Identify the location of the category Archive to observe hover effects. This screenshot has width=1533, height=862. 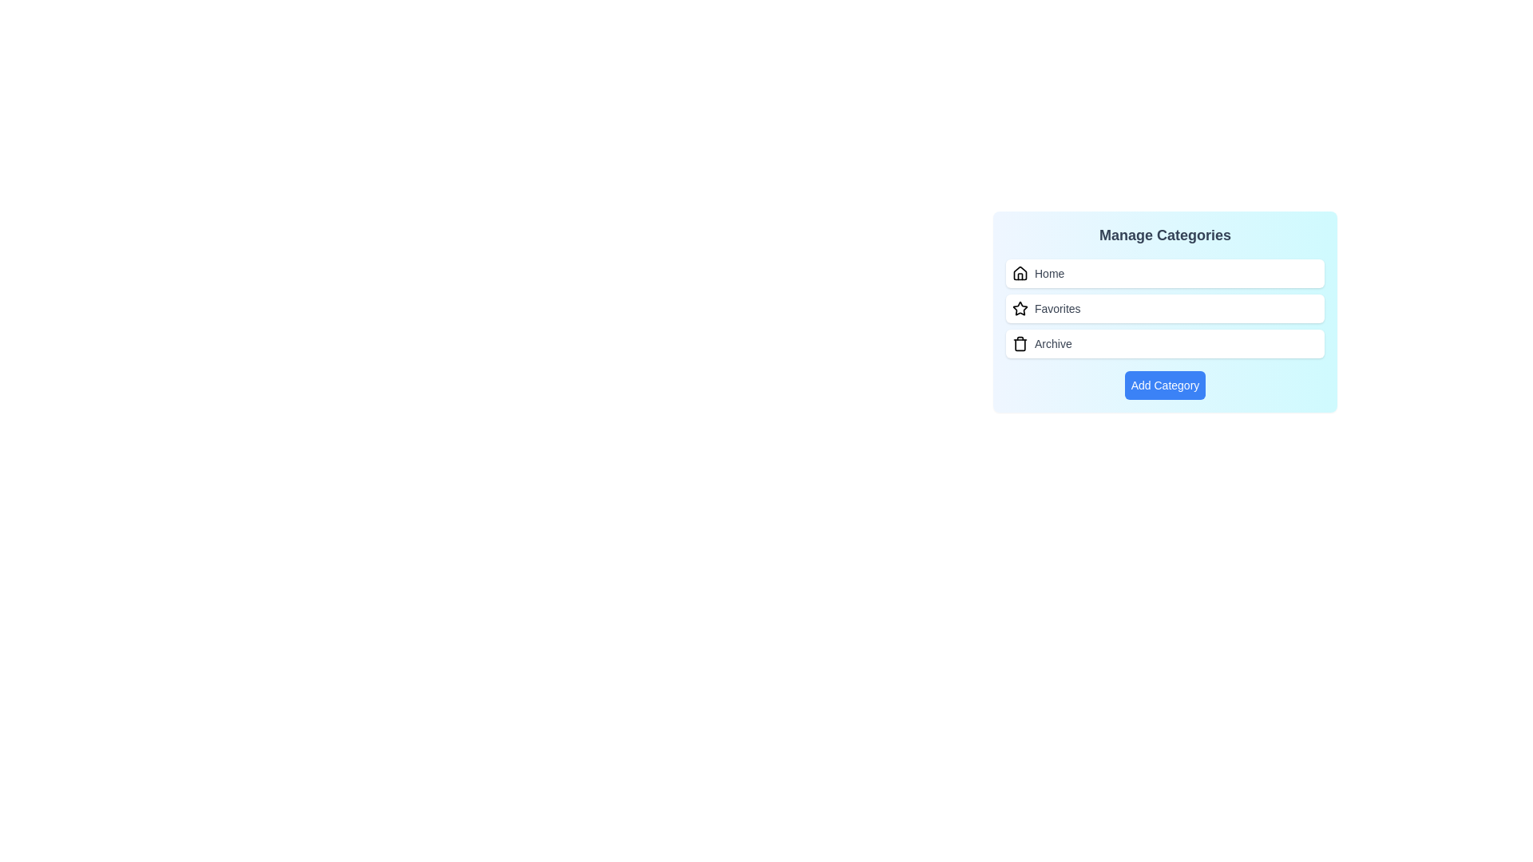
(1165, 343).